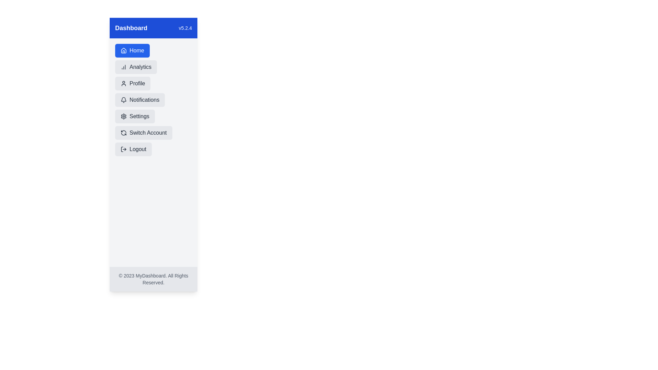  I want to click on copyright information text label displayed at the bottom of the interface for the 'MyDashboard' application, indicating ownership and rights reserved for the year 2023, so click(153, 279).